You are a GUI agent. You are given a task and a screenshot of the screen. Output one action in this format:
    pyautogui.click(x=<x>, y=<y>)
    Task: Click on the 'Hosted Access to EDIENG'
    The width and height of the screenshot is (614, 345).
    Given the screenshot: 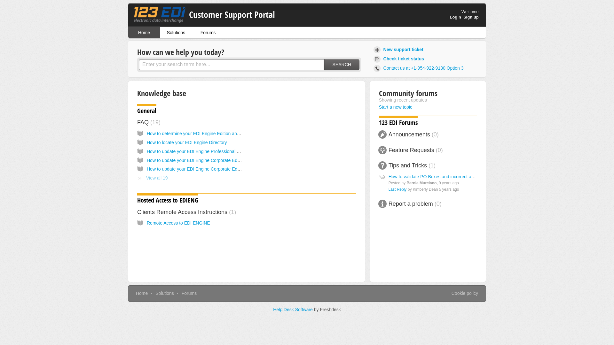 What is the action you would take?
    pyautogui.click(x=168, y=200)
    